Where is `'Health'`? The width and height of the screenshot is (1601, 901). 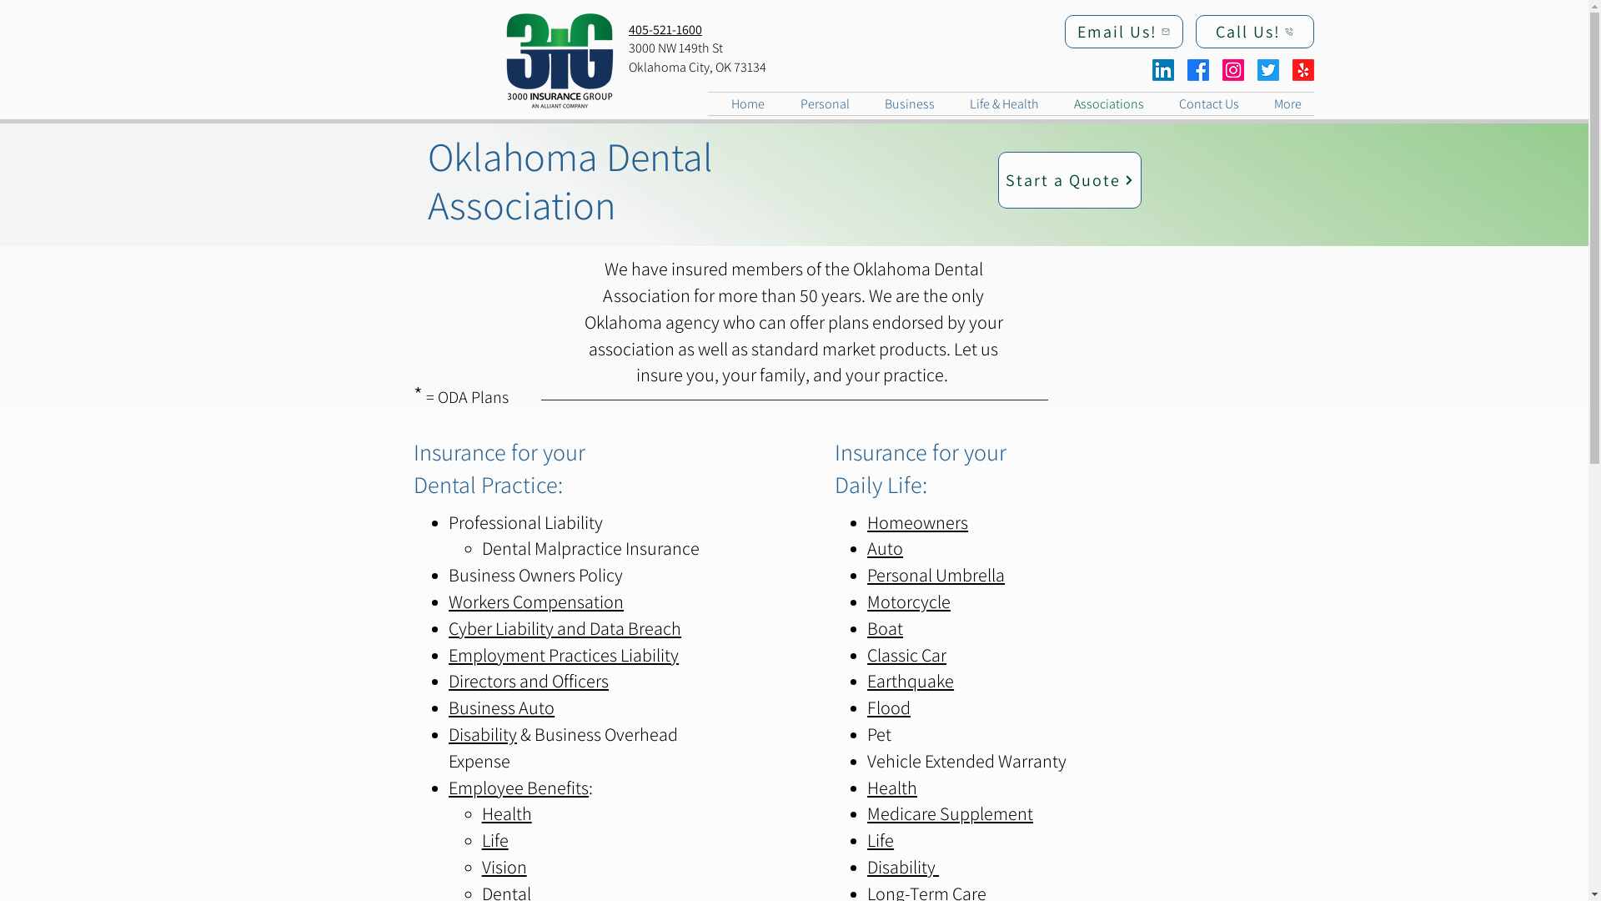 'Health' is located at coordinates (506, 813).